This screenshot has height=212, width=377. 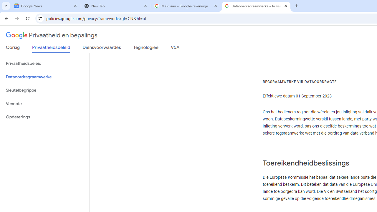 I want to click on 'Sleutelbegrippe', so click(x=44, y=90).